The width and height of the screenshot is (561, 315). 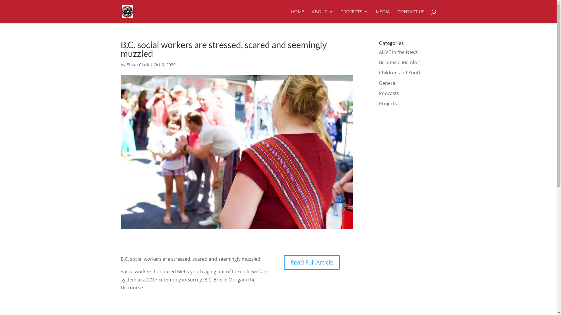 I want to click on 'CONTACT US', so click(x=411, y=16).